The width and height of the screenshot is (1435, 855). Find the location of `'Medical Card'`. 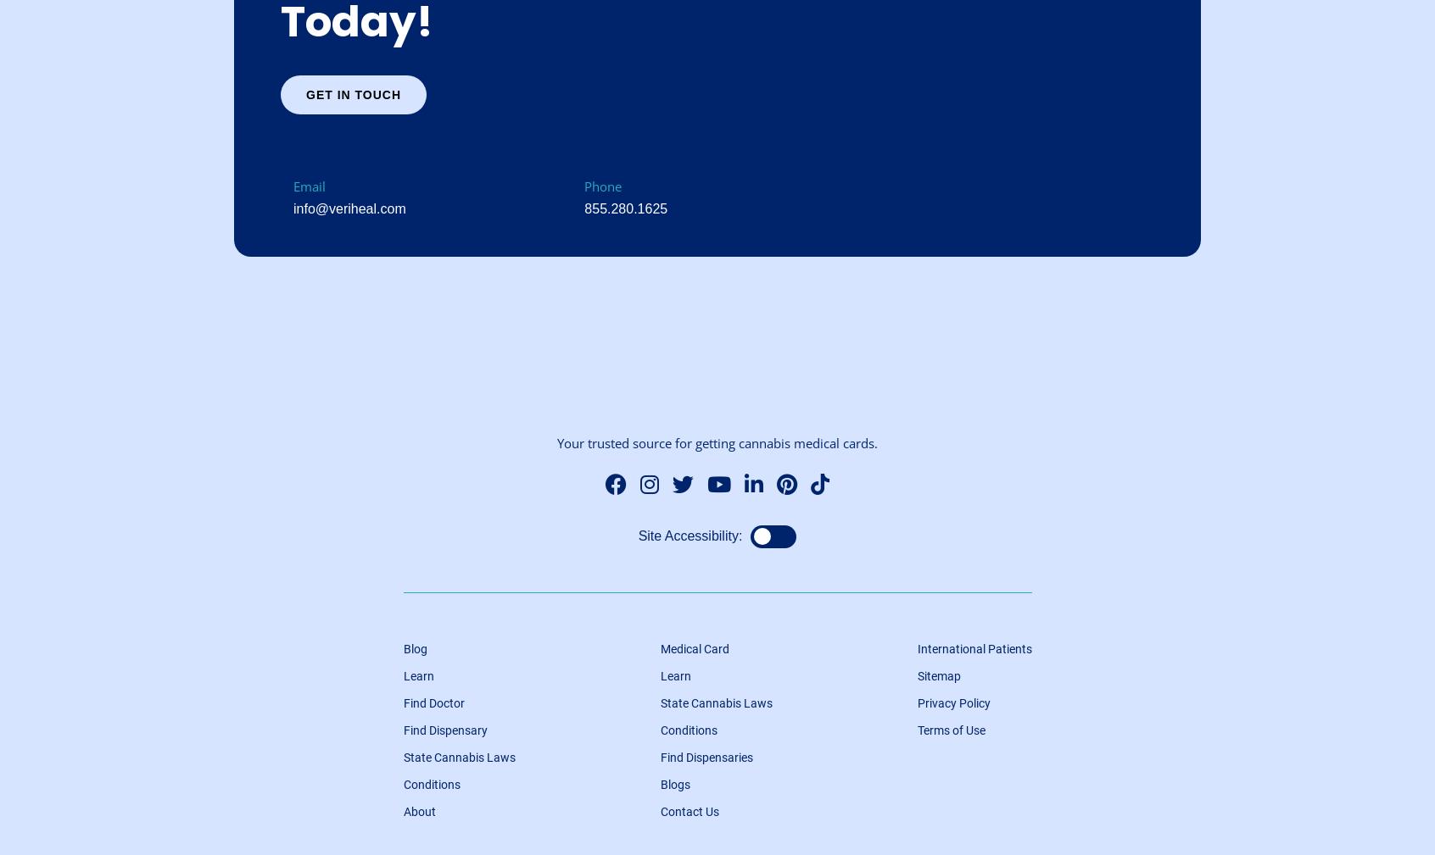

'Medical Card' is located at coordinates (659, 649).